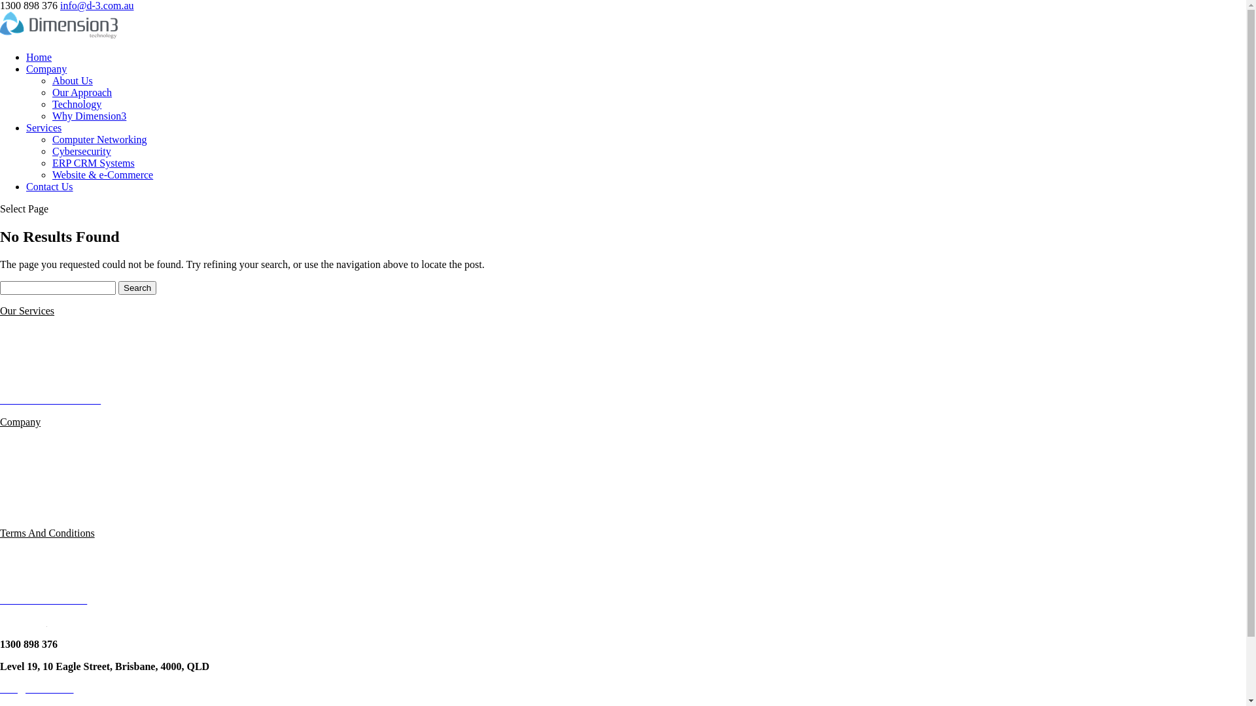 This screenshot has width=1256, height=706. What do you see at coordinates (81, 92) in the screenshot?
I see `'Our Approach'` at bounding box center [81, 92].